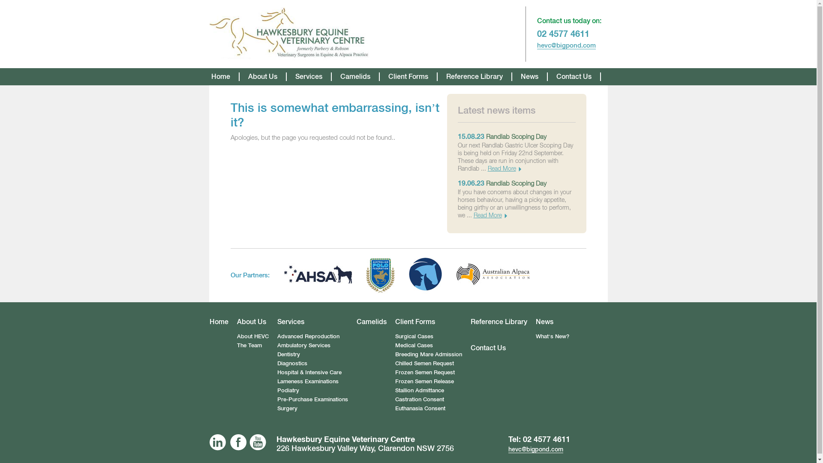 The height and width of the screenshot is (463, 823). Describe the element at coordinates (380, 275) in the screenshot. I see `'Australian Polo Federation'` at that location.